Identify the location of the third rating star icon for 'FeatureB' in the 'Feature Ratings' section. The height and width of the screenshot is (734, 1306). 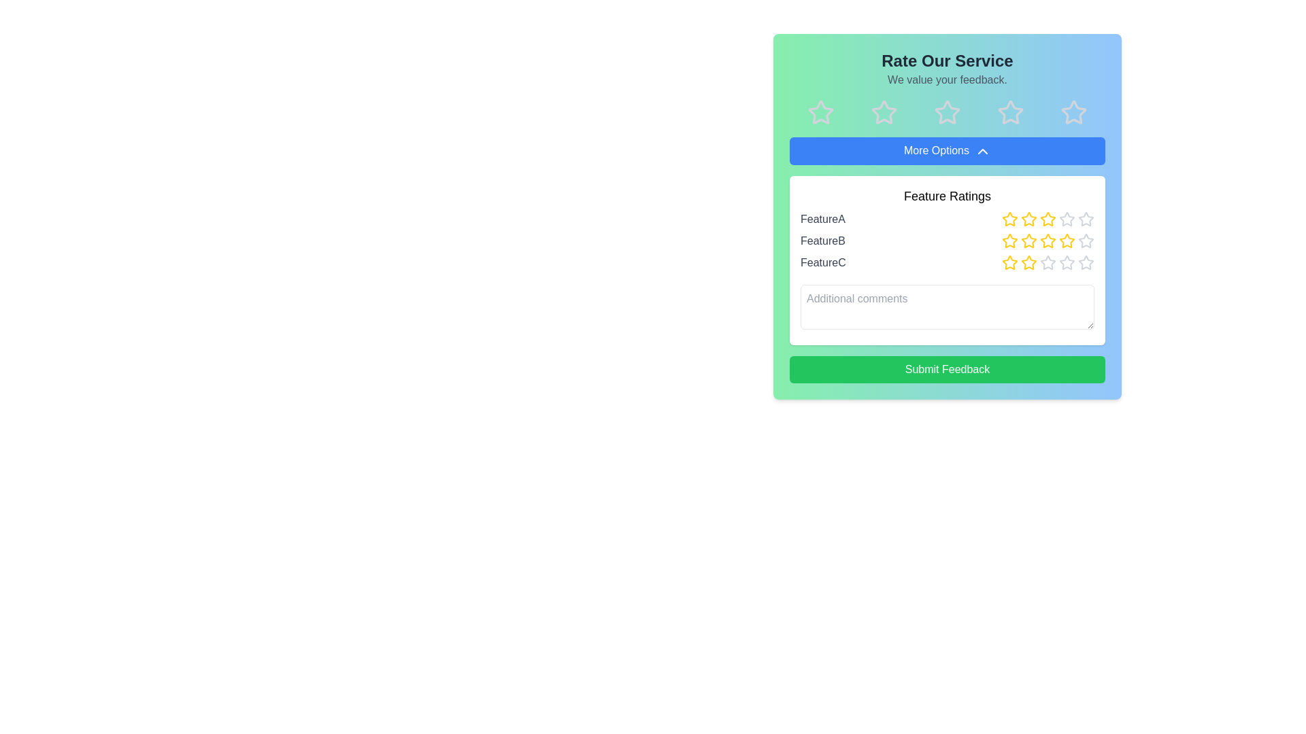
(1028, 240).